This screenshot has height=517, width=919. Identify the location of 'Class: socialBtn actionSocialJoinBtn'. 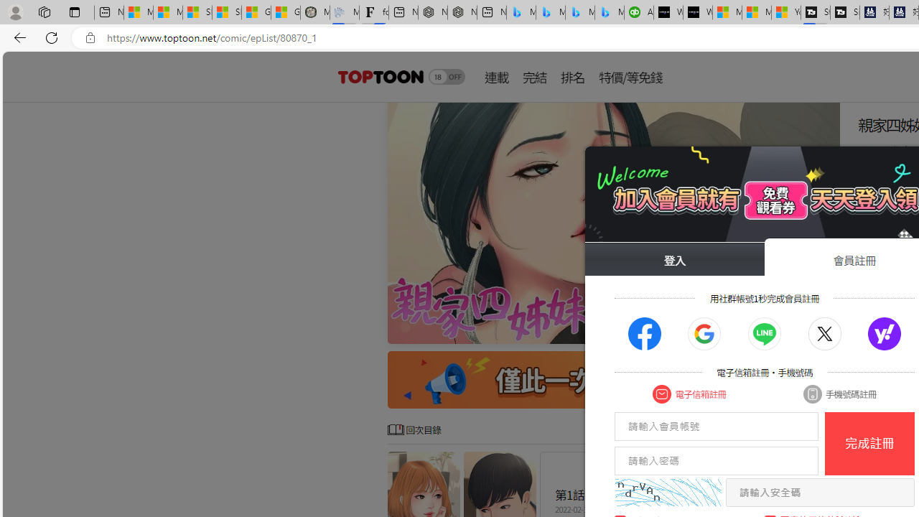
(884, 334).